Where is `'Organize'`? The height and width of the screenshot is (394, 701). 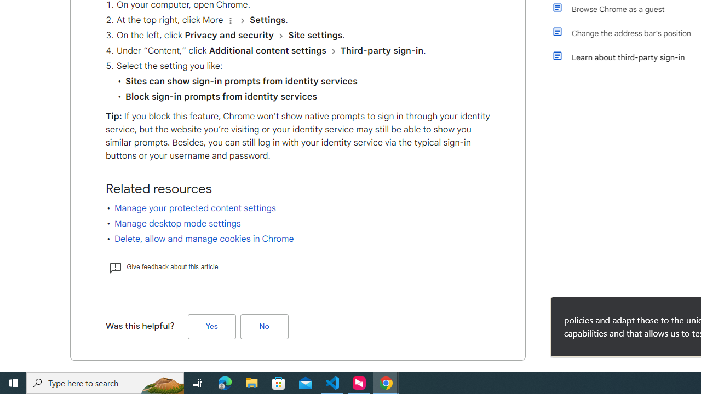 'Organize' is located at coordinates (229, 20).